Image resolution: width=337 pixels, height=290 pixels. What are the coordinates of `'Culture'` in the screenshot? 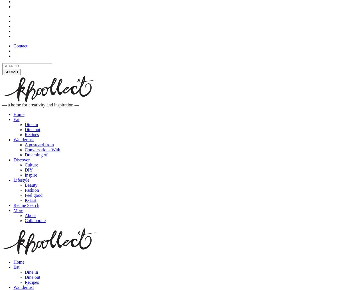 It's located at (31, 165).